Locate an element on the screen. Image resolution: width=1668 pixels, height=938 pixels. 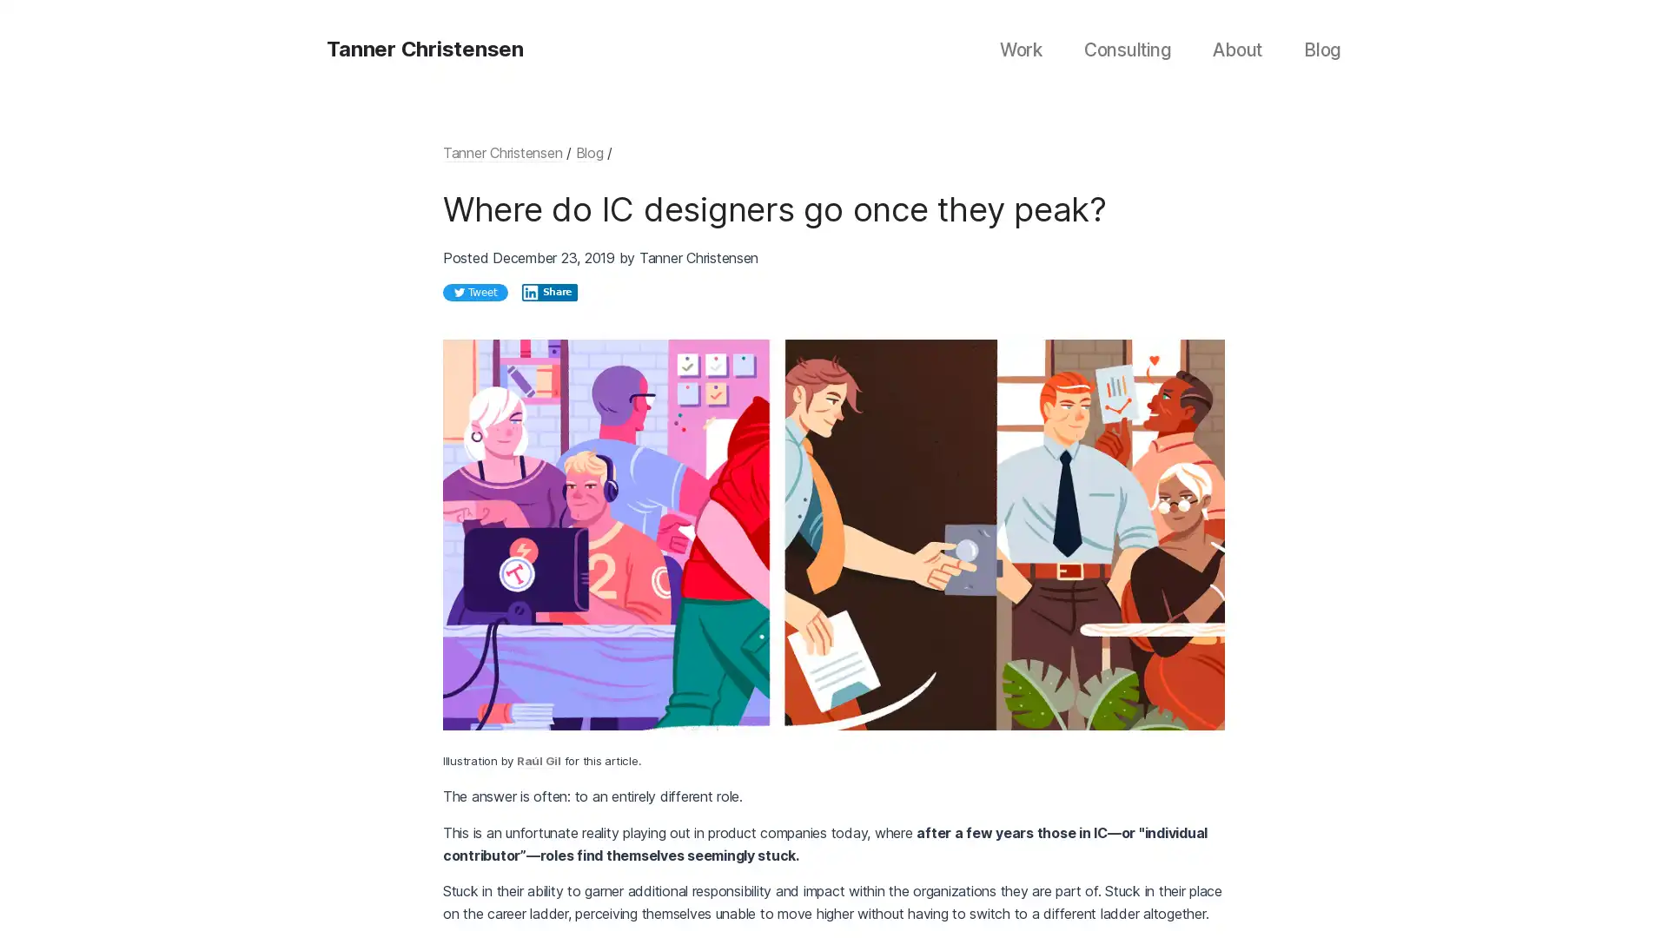
Share is located at coordinates (549, 290).